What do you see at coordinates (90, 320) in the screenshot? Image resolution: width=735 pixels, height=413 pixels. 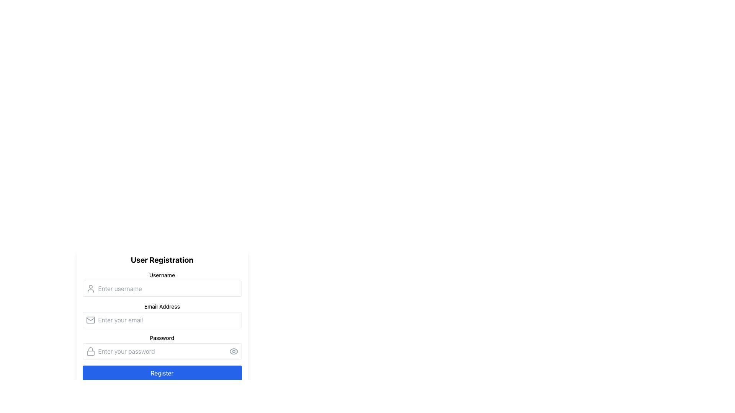 I see `the email input icon located on the left side of the 'Email Address' input field` at bounding box center [90, 320].